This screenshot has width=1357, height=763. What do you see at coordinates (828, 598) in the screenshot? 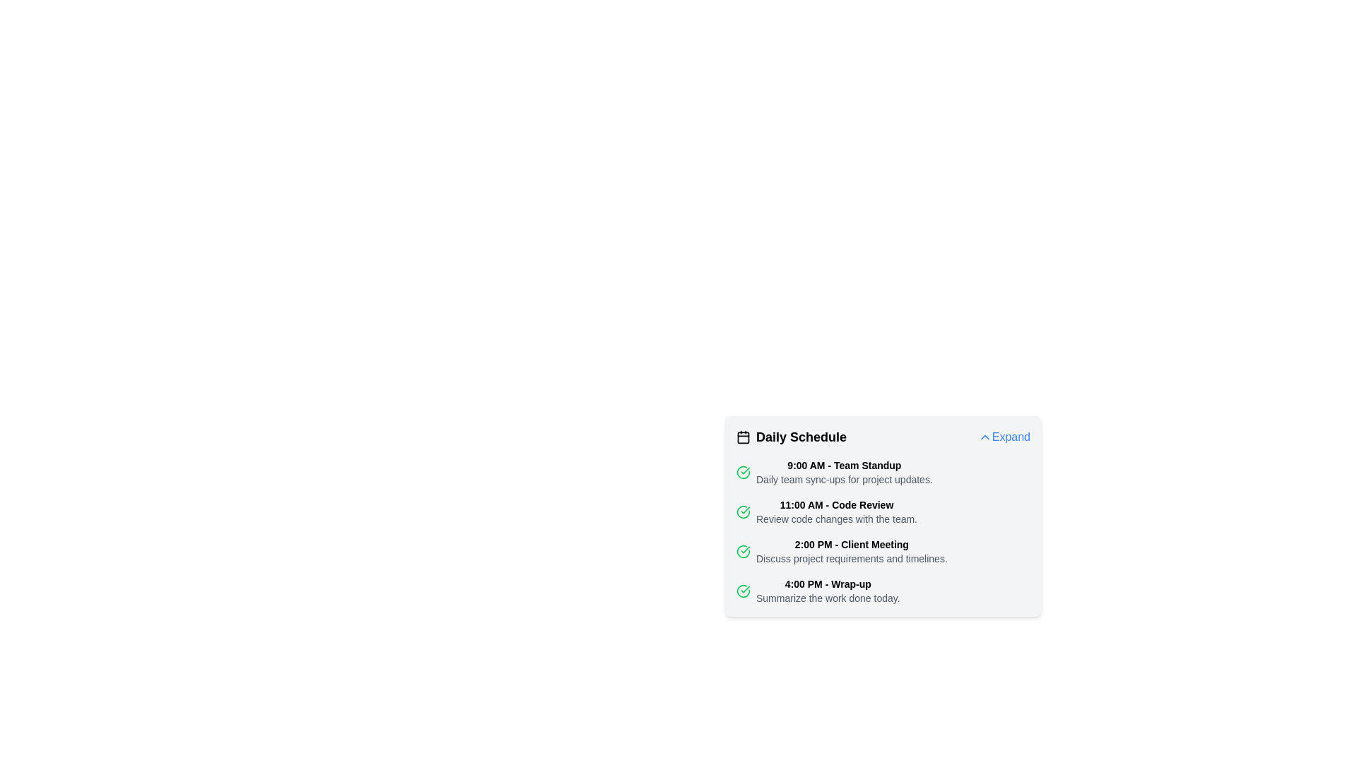
I see `the text label that says 'Summarize the work done today.', which is styled in gray and positioned under '4:00 PM - Wrap-up' in the 'Daily Schedule' section` at bounding box center [828, 598].